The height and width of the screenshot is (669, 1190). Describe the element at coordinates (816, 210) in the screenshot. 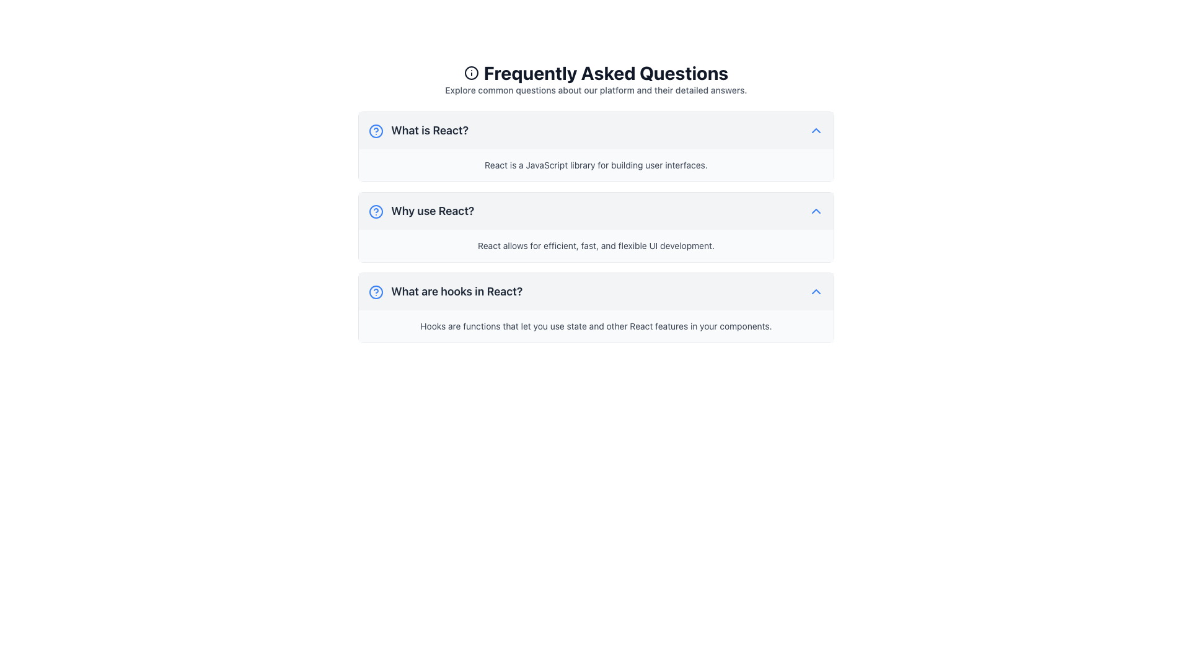

I see `the chevron icon on the rightmost section of the 'Why use React?' panel` at that location.